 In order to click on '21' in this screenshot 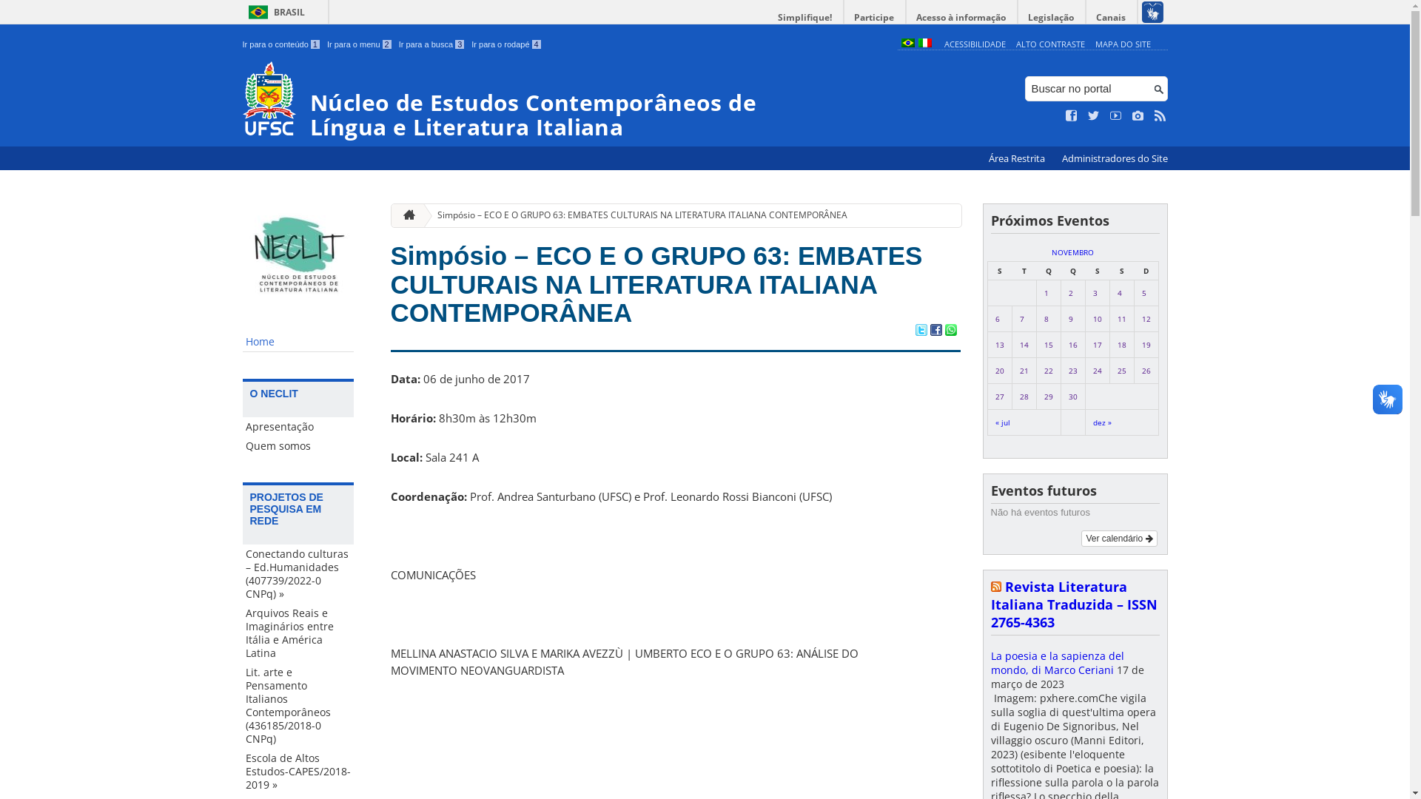, I will do `click(1023, 370)`.